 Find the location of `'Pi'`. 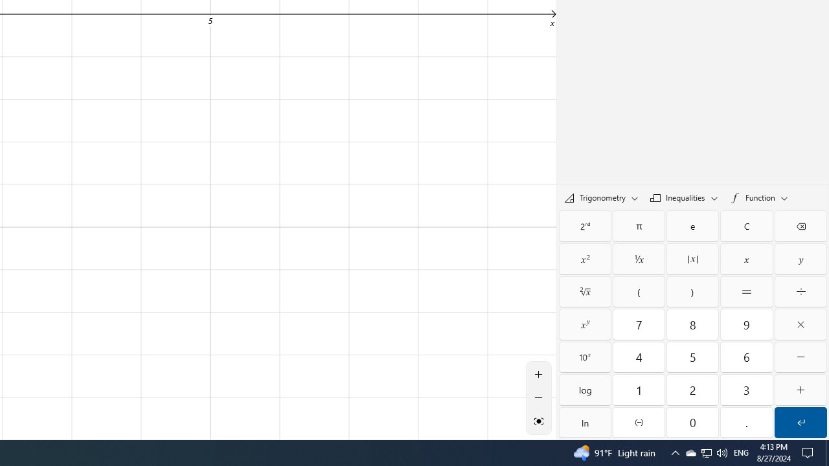

'Pi' is located at coordinates (639, 225).